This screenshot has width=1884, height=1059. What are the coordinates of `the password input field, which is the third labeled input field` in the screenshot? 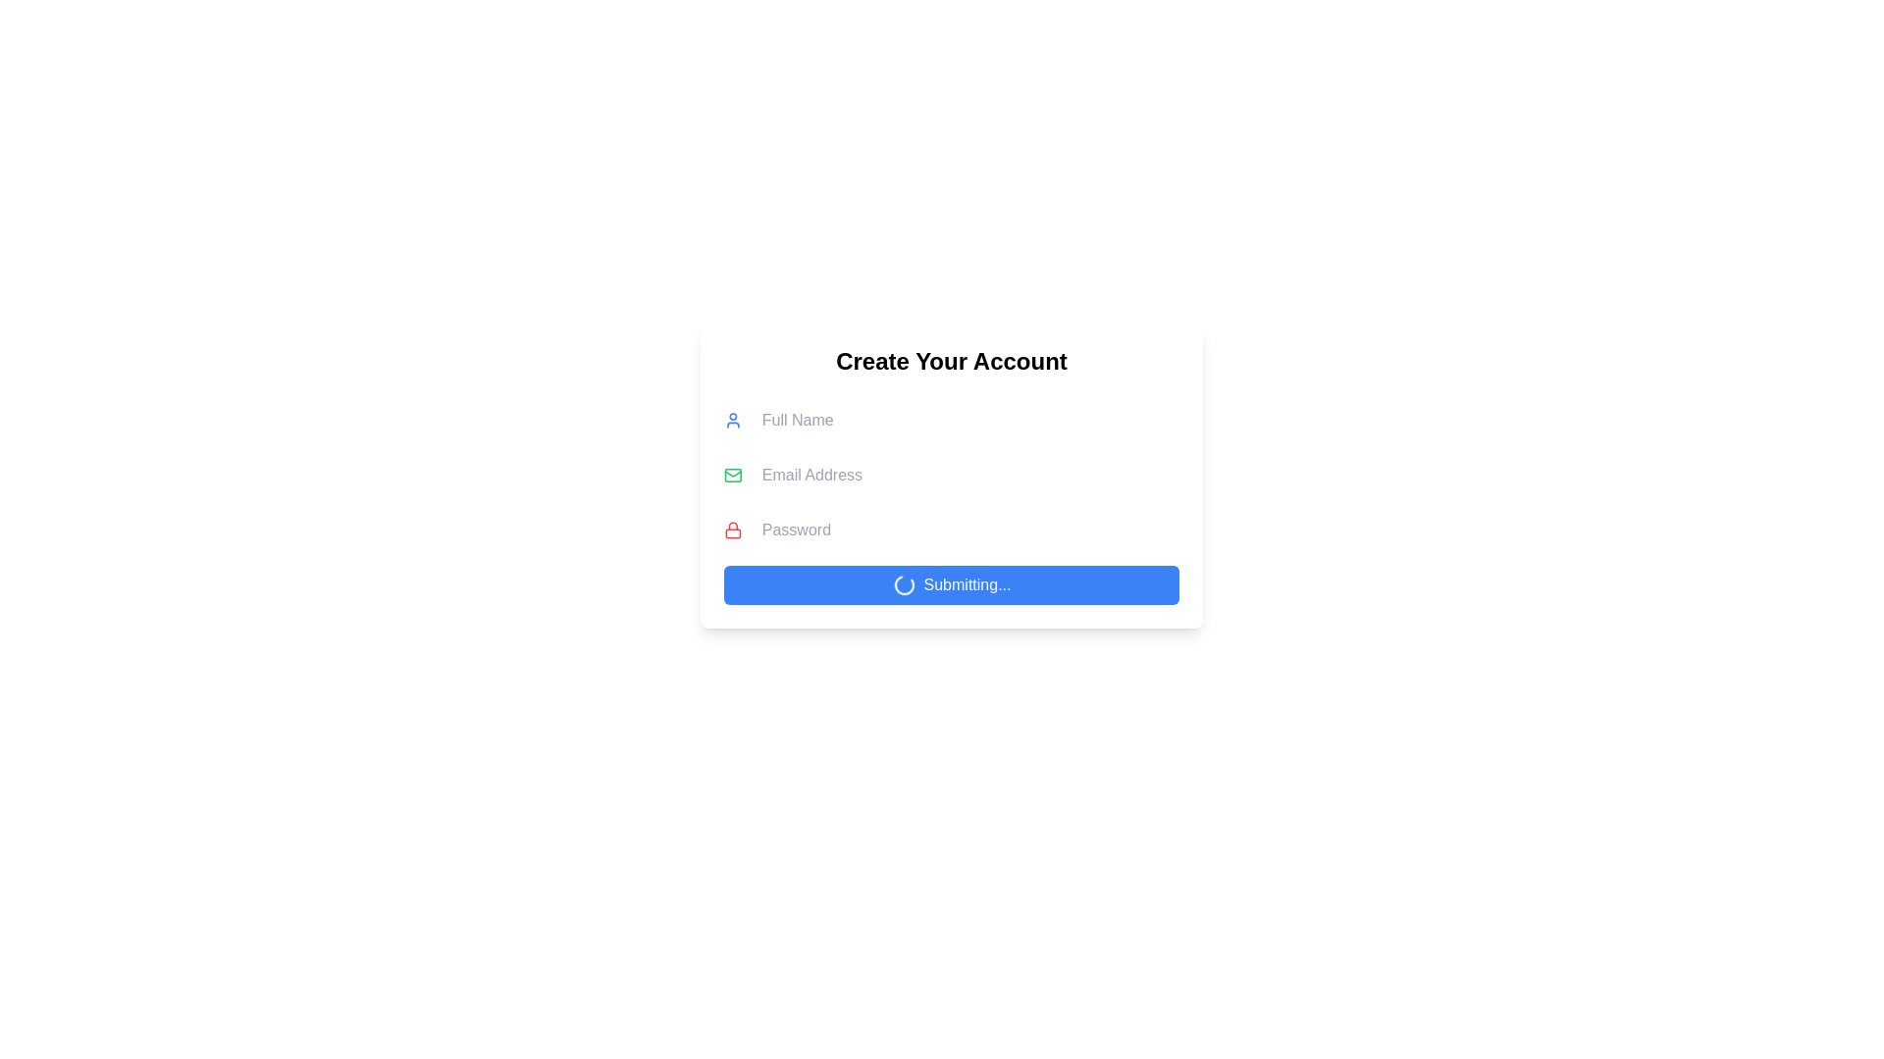 It's located at (951, 529).